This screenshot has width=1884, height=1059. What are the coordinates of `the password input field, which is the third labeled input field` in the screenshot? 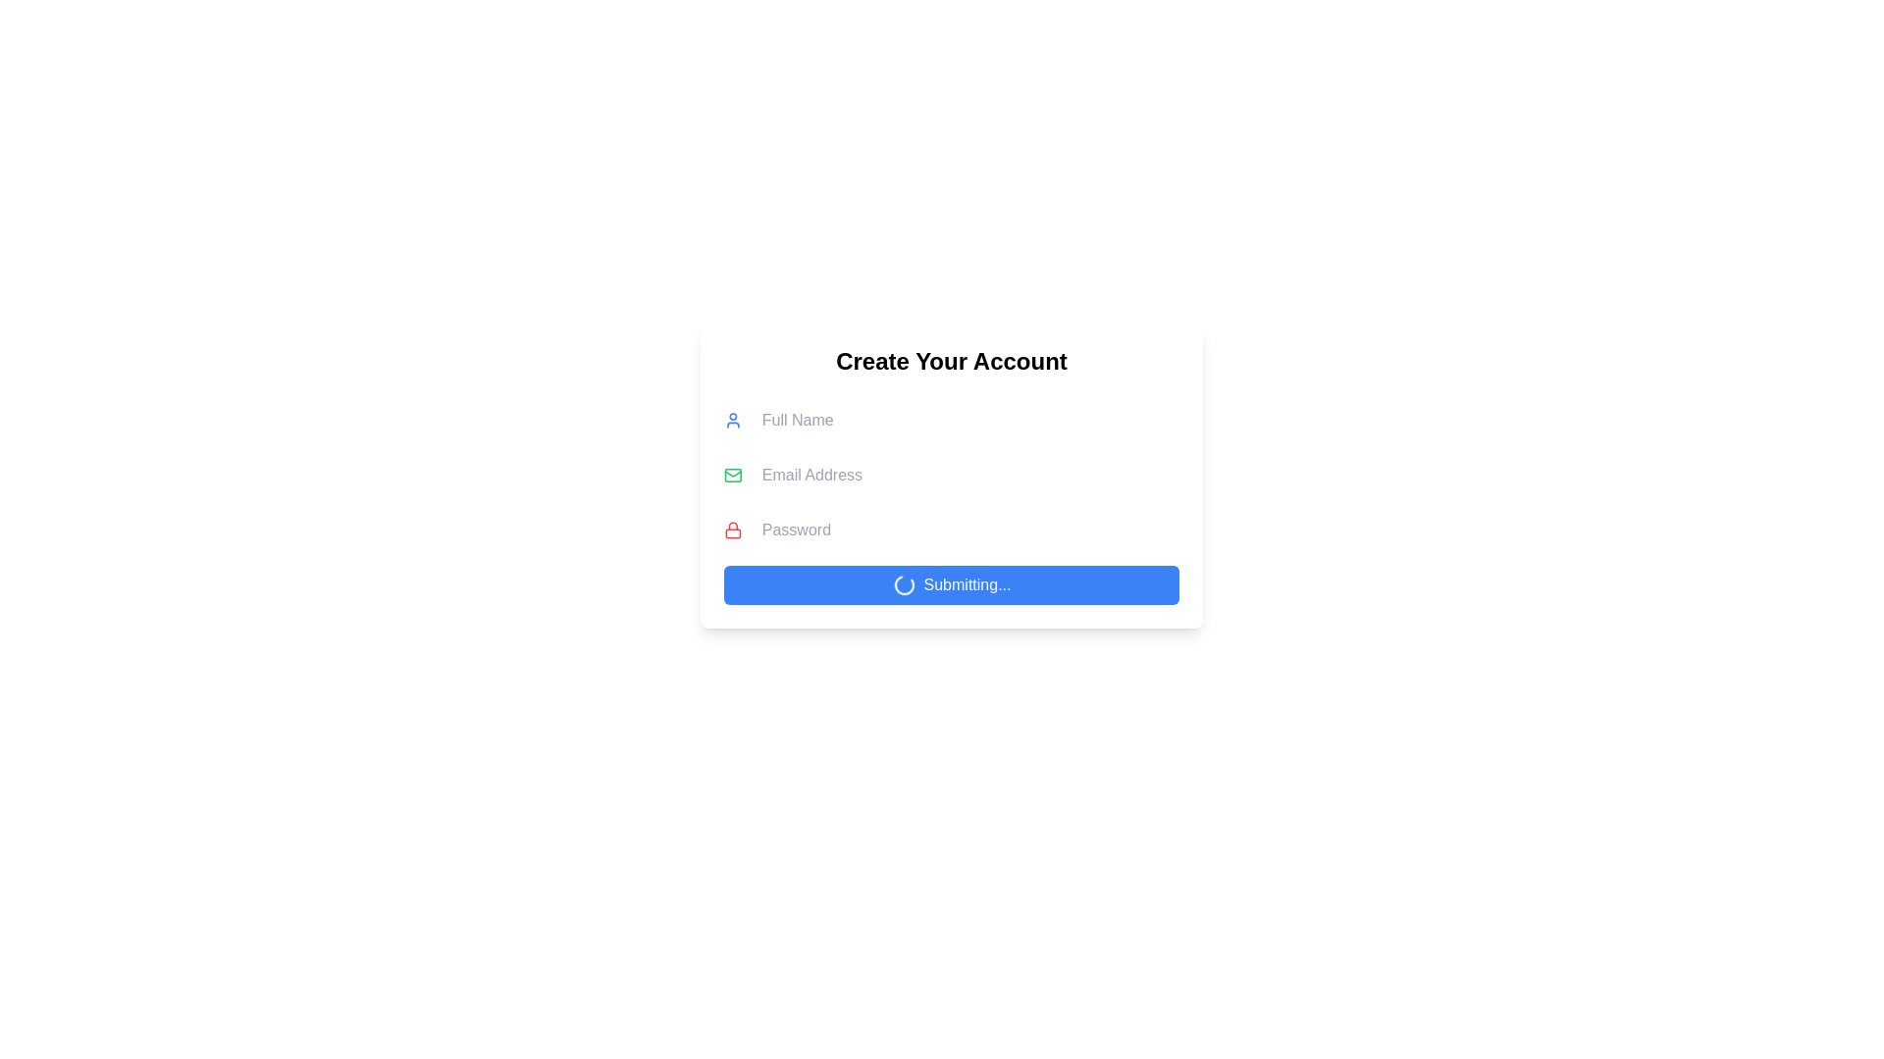 It's located at (951, 529).